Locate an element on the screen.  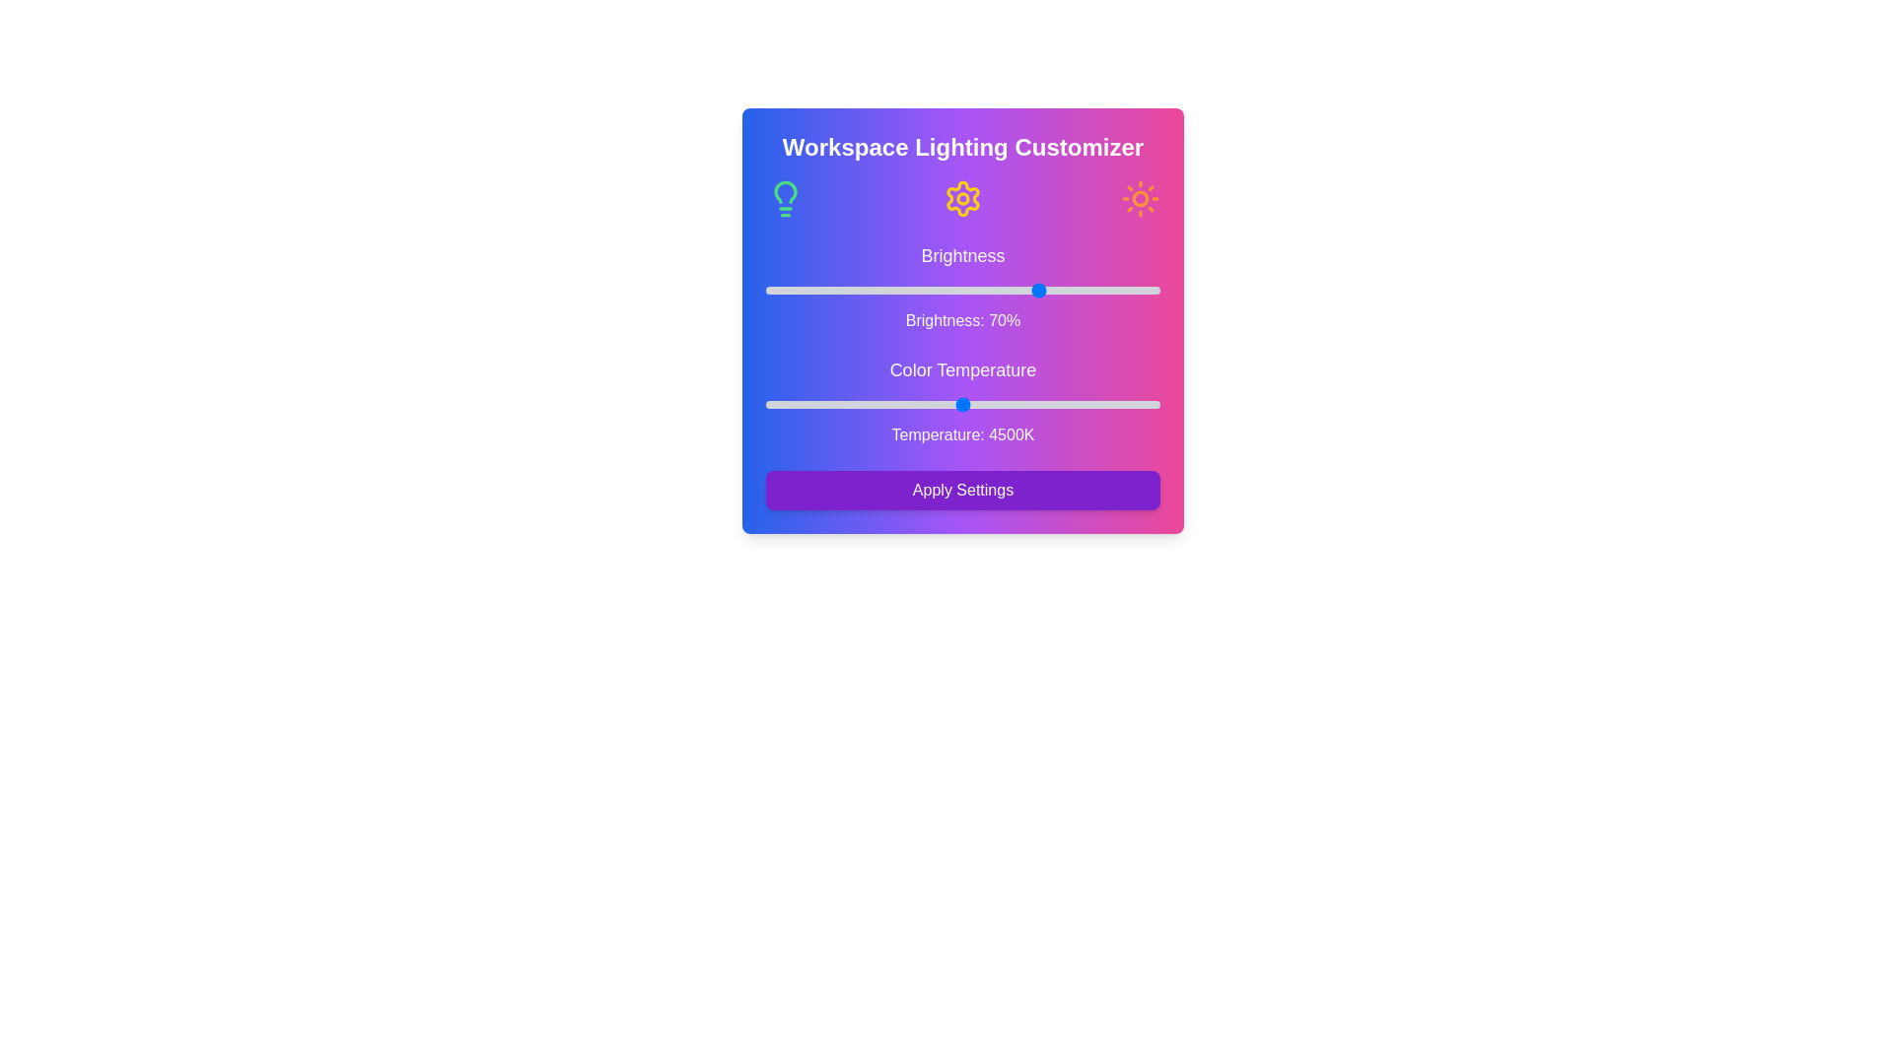
the color temperature slider to 5697 K is located at coordinates (1080, 404).